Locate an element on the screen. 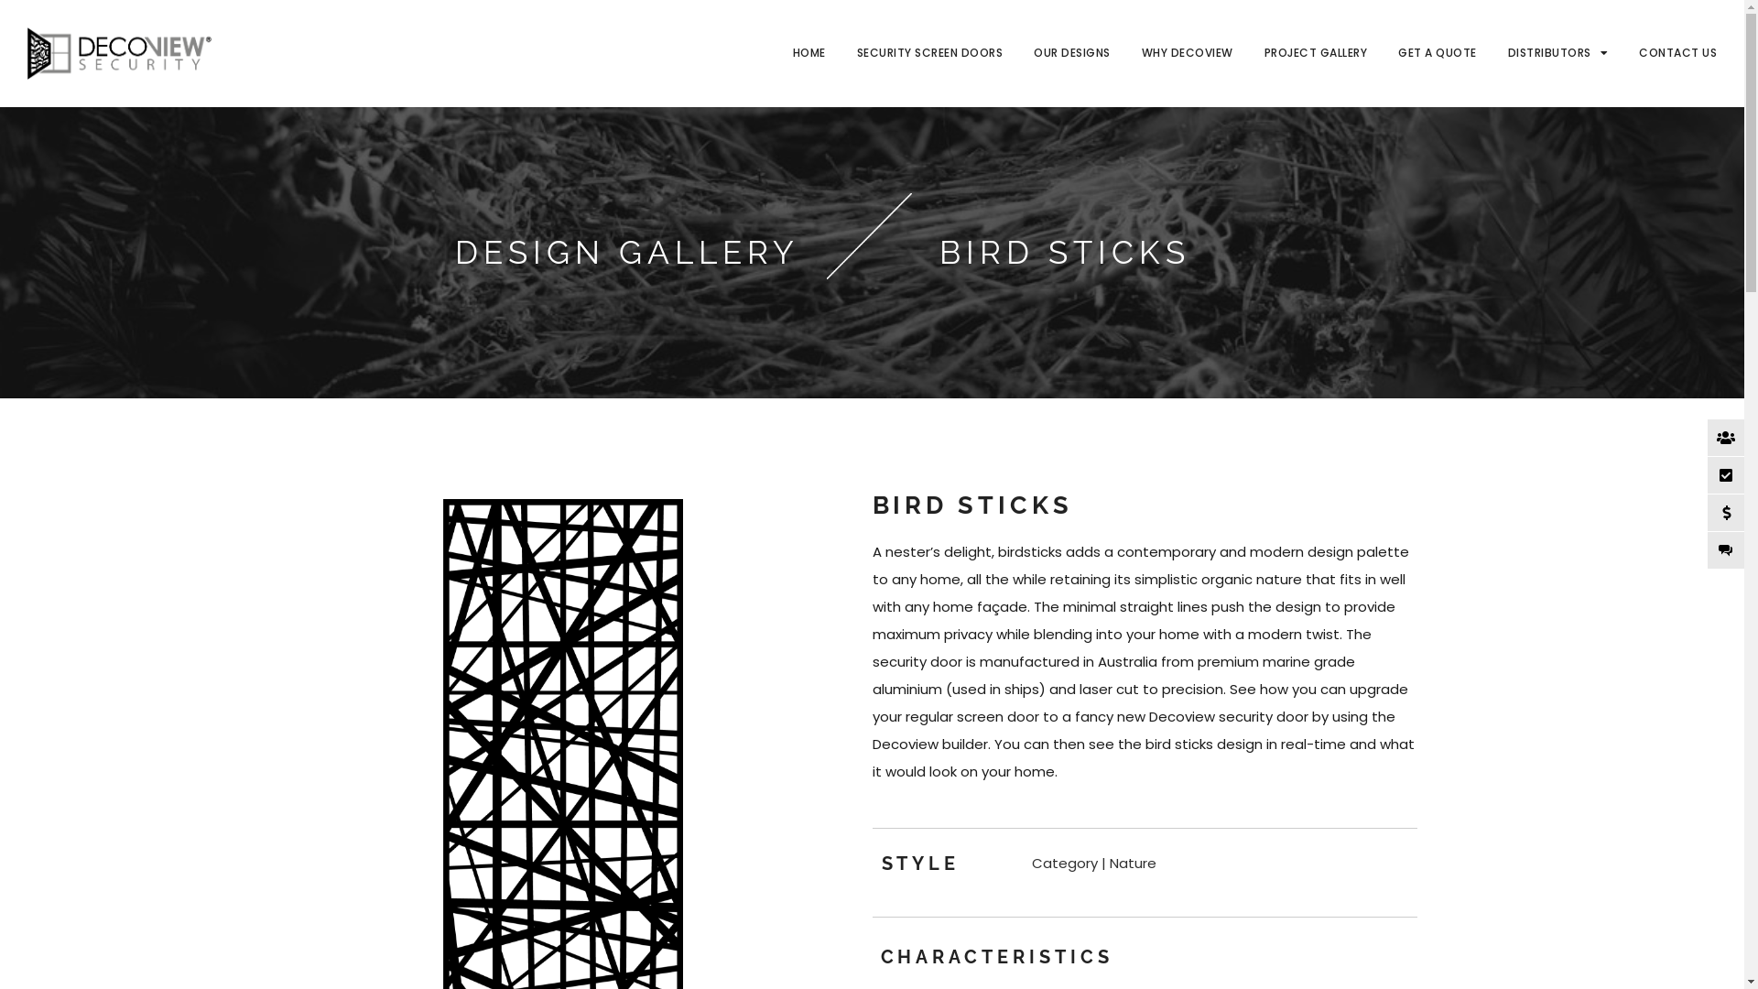 The width and height of the screenshot is (1758, 989). 'PROJECT GALLERY' is located at coordinates (1314, 51).